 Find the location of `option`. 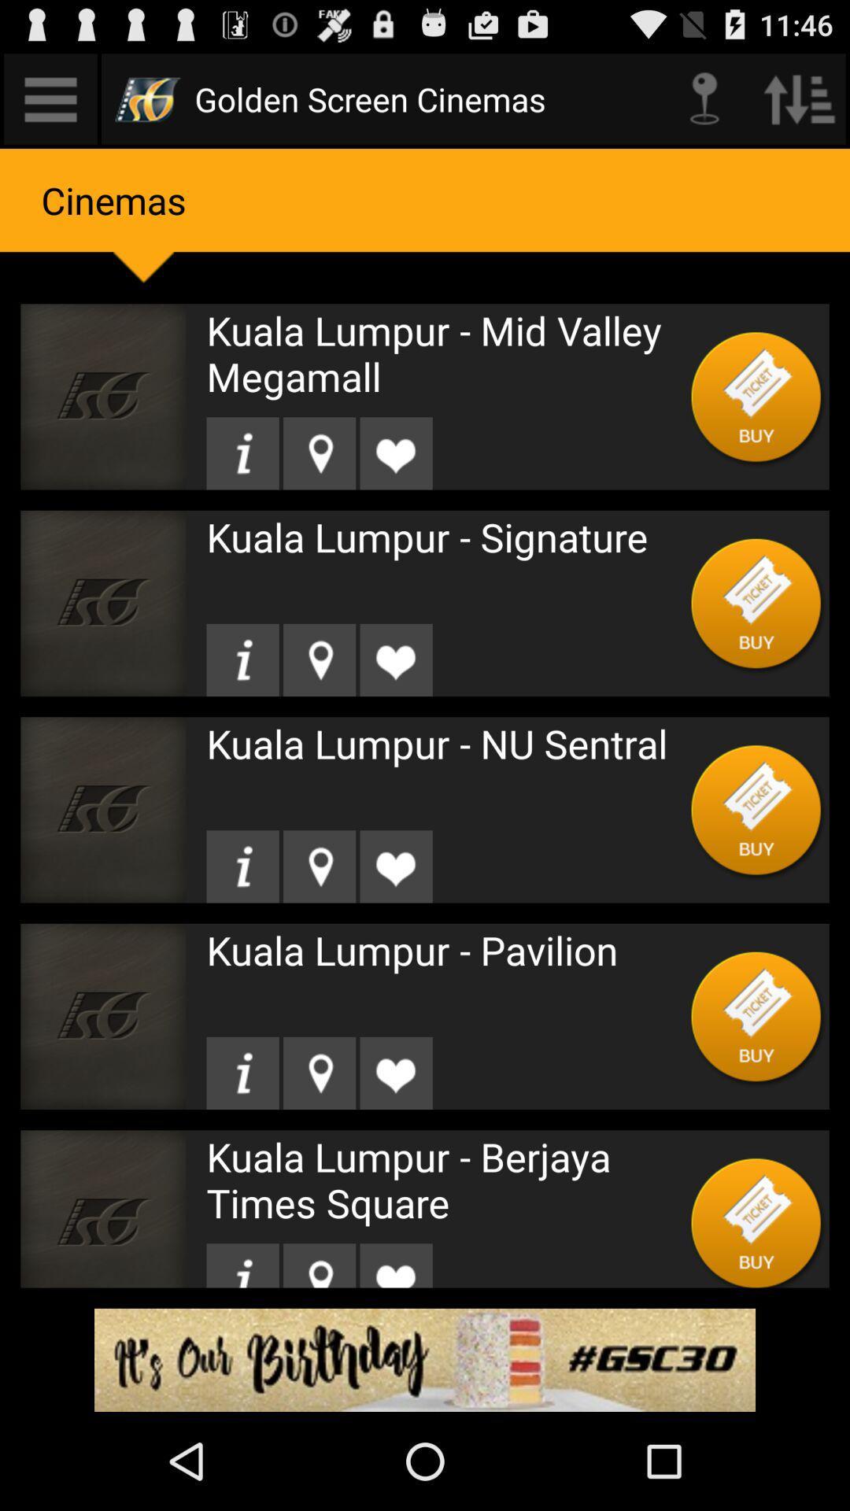

option is located at coordinates (756, 602).